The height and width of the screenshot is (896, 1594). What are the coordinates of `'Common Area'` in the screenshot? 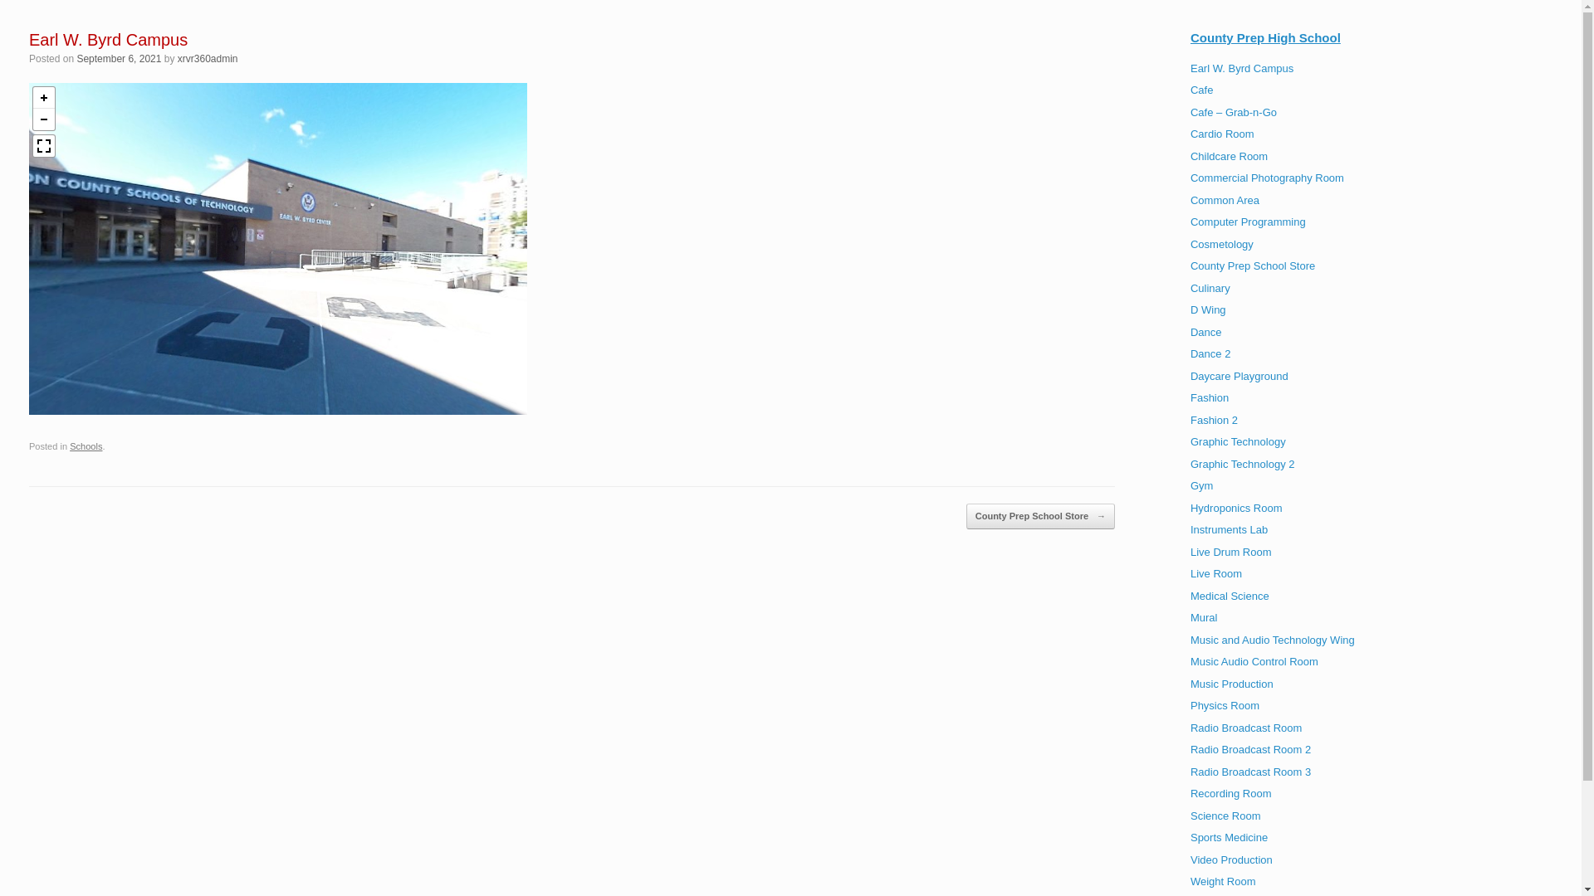 It's located at (1225, 199).